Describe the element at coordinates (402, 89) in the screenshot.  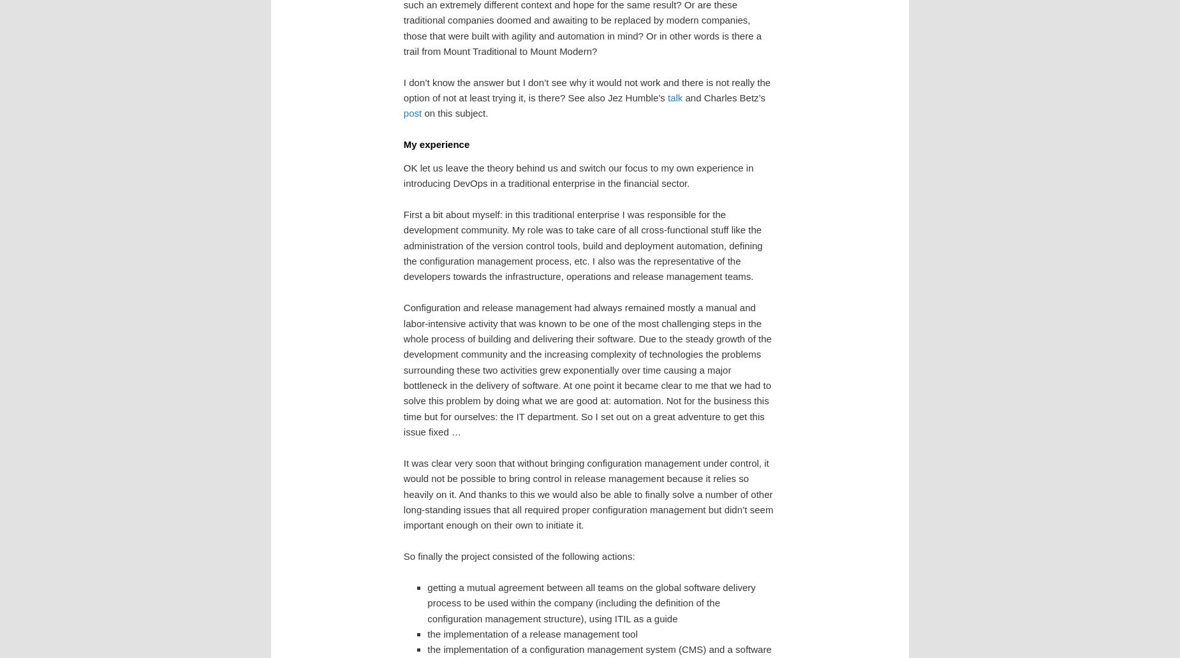
I see `'I don’t know the answer but I don’t see why it would not work and there is not really the option of not at least trying it, is there? See also Jez Humble’s'` at that location.